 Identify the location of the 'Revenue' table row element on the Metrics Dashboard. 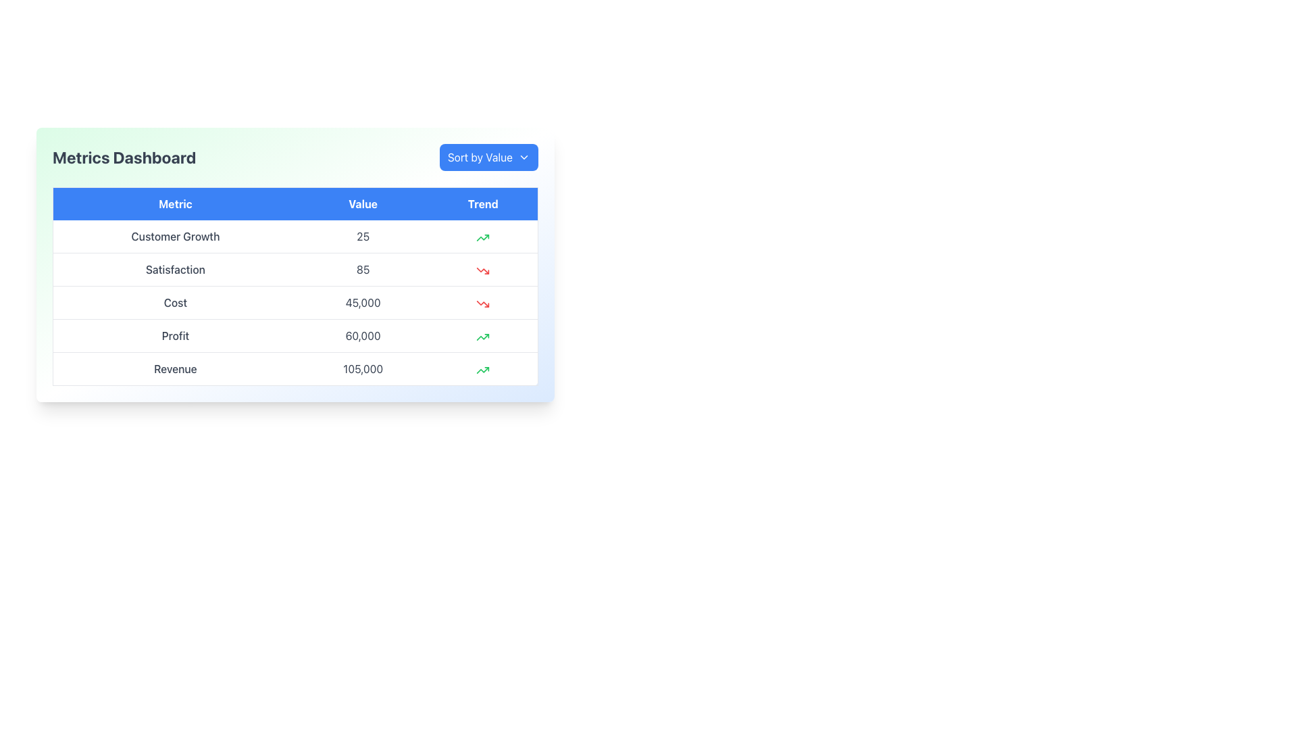
(295, 369).